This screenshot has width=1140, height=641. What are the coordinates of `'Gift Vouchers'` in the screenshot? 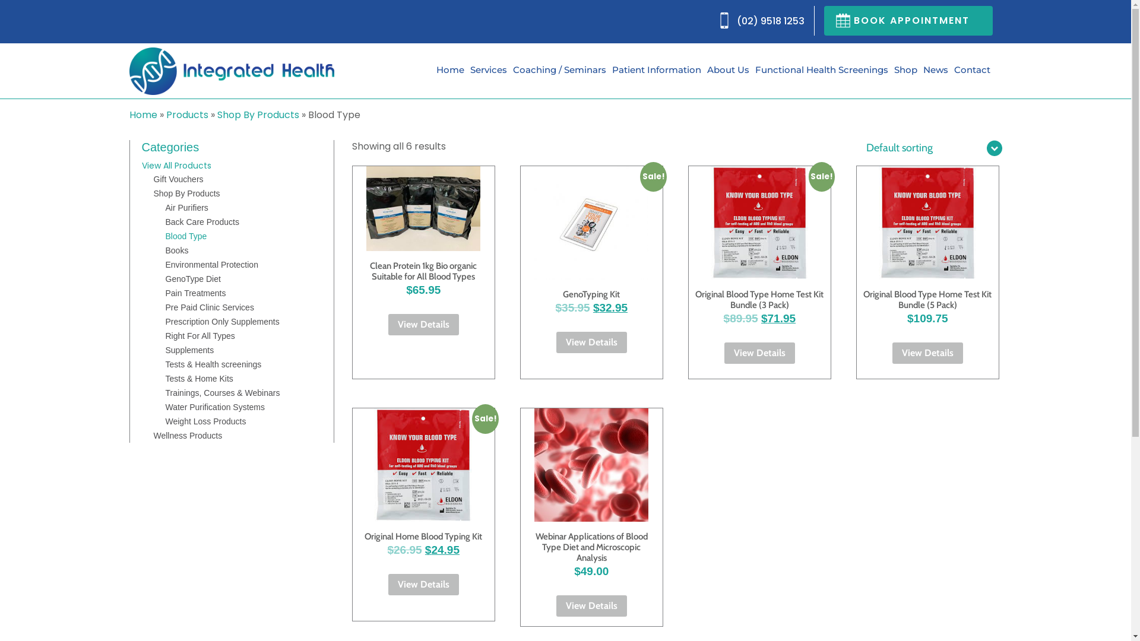 It's located at (177, 179).